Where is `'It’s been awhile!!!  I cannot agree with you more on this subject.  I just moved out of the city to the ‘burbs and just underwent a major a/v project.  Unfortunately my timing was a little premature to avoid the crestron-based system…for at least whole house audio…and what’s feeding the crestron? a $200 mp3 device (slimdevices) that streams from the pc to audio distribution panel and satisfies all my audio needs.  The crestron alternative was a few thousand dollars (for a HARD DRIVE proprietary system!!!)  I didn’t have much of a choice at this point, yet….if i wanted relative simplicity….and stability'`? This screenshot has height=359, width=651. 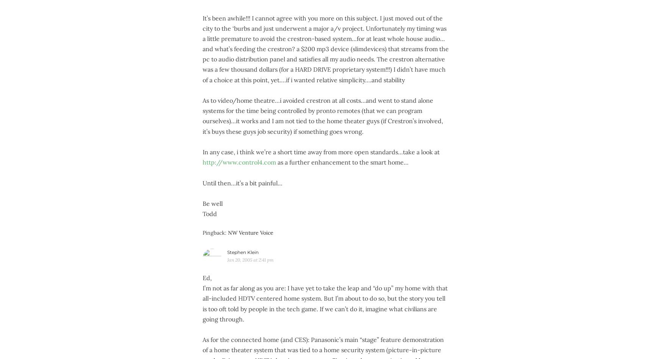 'It’s been awhile!!!  I cannot agree with you more on this subject.  I just moved out of the city to the ‘burbs and just underwent a major a/v project.  Unfortunately my timing was a little premature to avoid the crestron-based system…for at least whole house audio…and what’s feeding the crestron? a $200 mp3 device (slimdevices) that streams from the pc to audio distribution panel and satisfies all my audio needs.  The crestron alternative was a few thousand dollars (for a HARD DRIVE proprietary system!!!)  I didn’t have much of a choice at this point, yet….if i wanted relative simplicity….and stability' is located at coordinates (325, 48).